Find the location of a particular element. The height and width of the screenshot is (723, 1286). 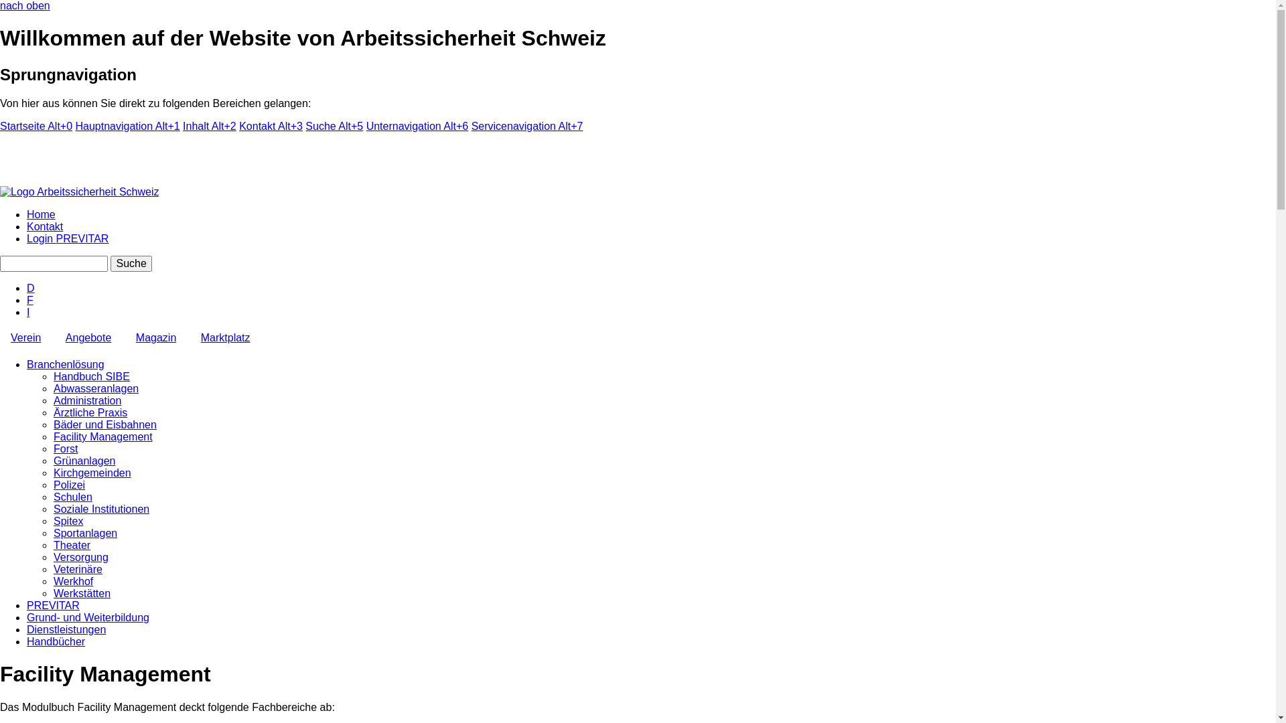

'F' is located at coordinates (29, 299).